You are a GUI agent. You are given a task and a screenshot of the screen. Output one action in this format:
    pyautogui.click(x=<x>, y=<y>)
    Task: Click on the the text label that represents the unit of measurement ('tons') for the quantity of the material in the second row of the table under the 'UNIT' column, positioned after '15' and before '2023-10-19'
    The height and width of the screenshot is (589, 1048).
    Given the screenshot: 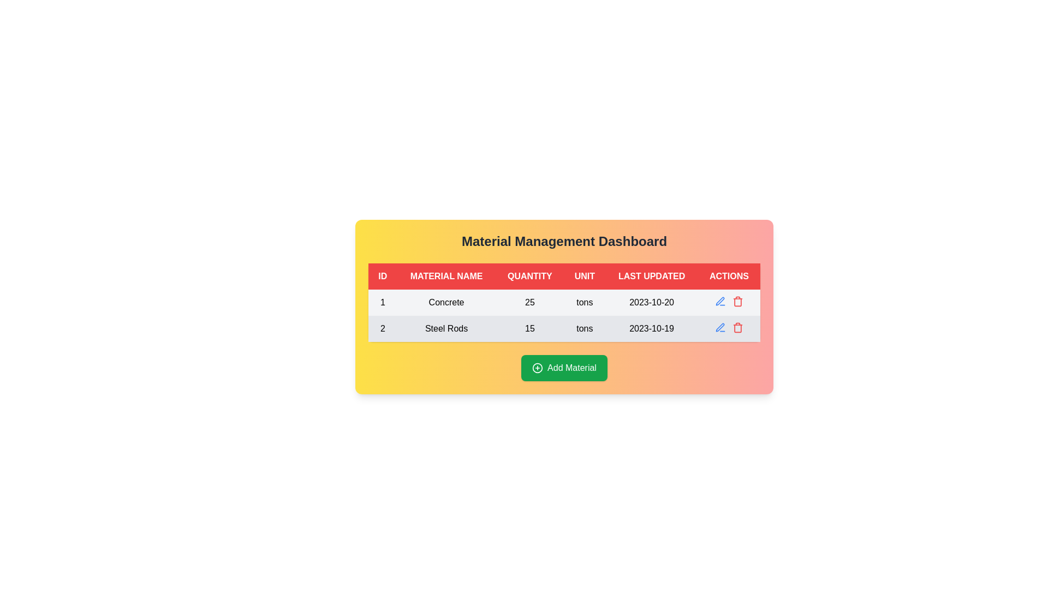 What is the action you would take?
    pyautogui.click(x=584, y=328)
    